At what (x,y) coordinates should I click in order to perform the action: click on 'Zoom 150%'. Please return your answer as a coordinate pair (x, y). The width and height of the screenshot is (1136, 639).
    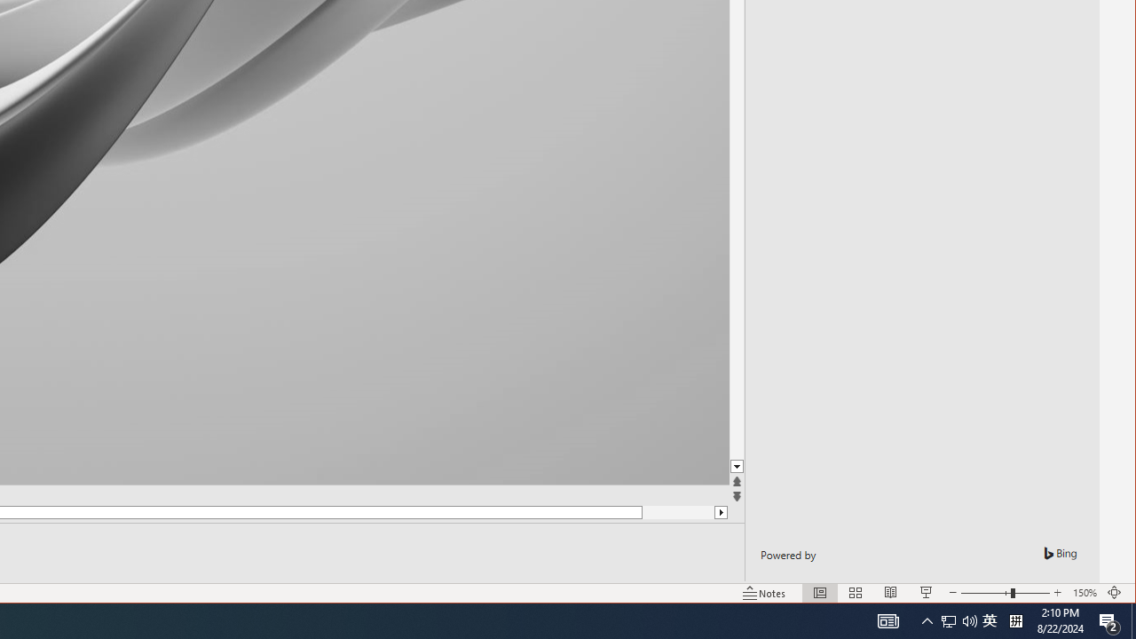
    Looking at the image, I should click on (1084, 593).